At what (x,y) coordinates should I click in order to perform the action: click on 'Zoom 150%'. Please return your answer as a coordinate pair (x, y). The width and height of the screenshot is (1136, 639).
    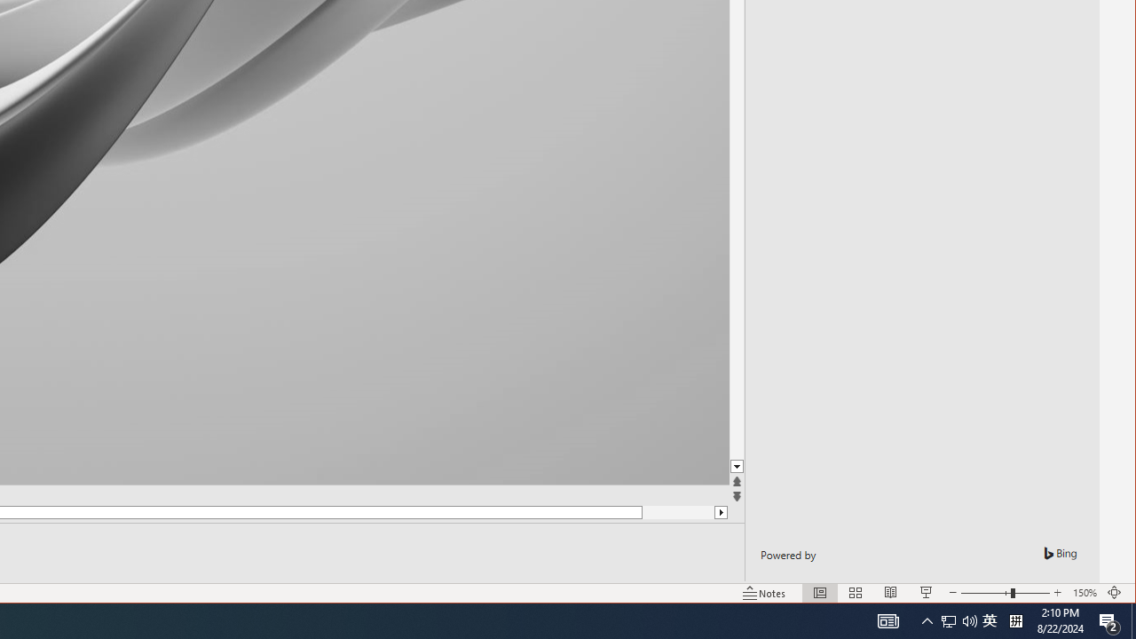
    Looking at the image, I should click on (1084, 593).